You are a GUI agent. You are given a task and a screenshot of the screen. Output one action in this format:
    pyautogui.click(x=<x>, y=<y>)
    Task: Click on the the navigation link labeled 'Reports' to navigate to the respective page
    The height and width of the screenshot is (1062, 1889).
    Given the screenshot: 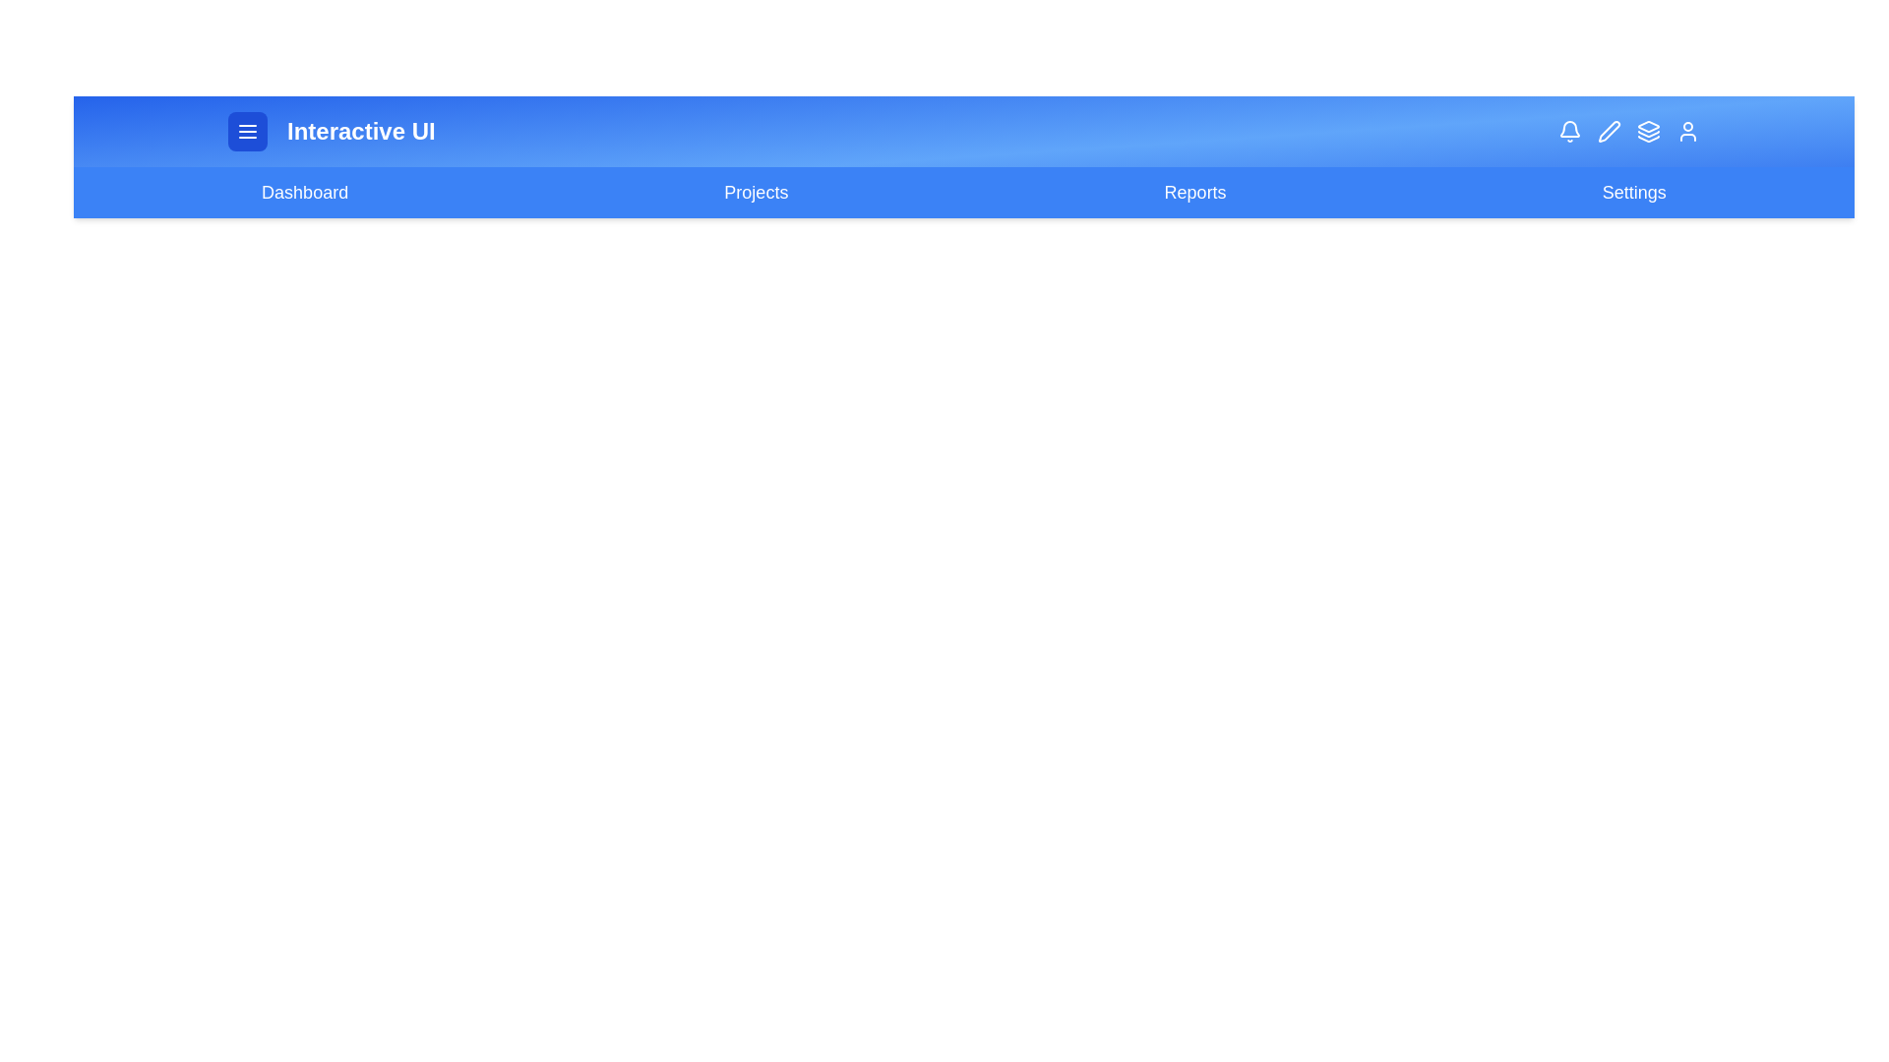 What is the action you would take?
    pyautogui.click(x=1193, y=193)
    